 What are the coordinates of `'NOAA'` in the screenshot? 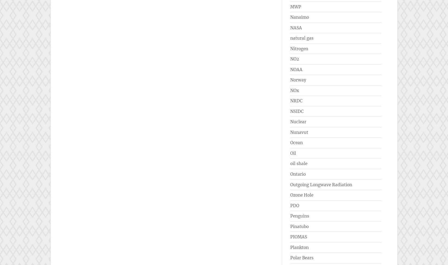 It's located at (296, 69).